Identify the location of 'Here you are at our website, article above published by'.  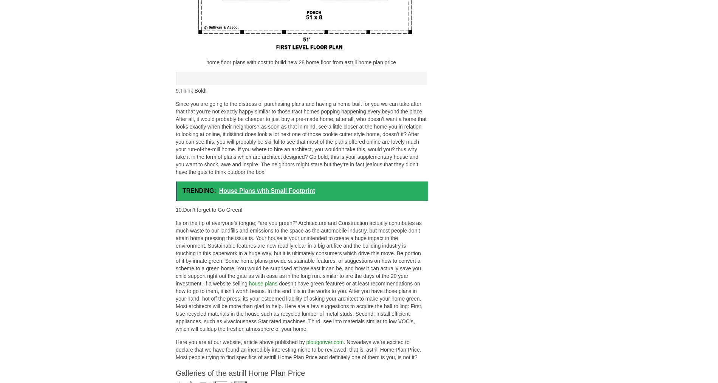
(241, 342).